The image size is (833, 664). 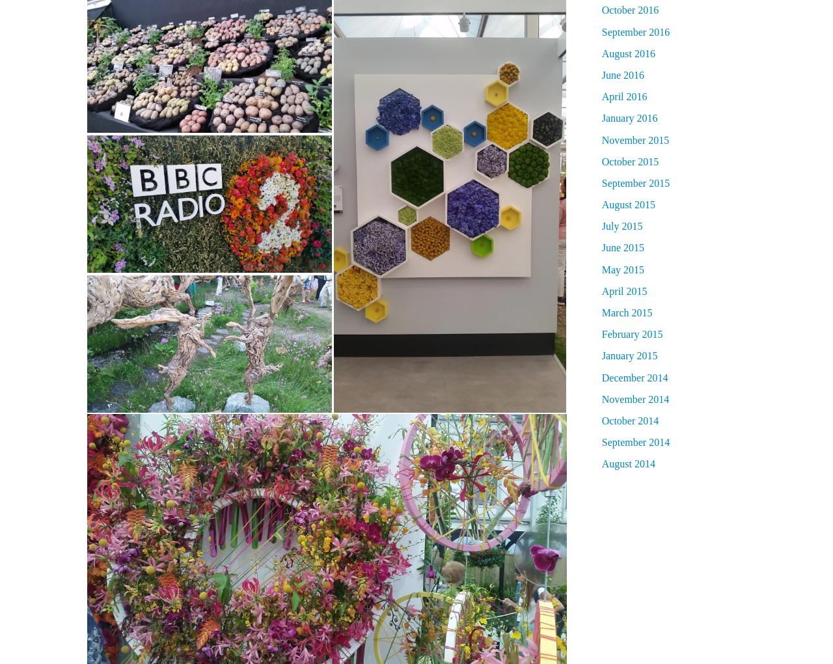 I want to click on 'November 2015', so click(x=635, y=139).